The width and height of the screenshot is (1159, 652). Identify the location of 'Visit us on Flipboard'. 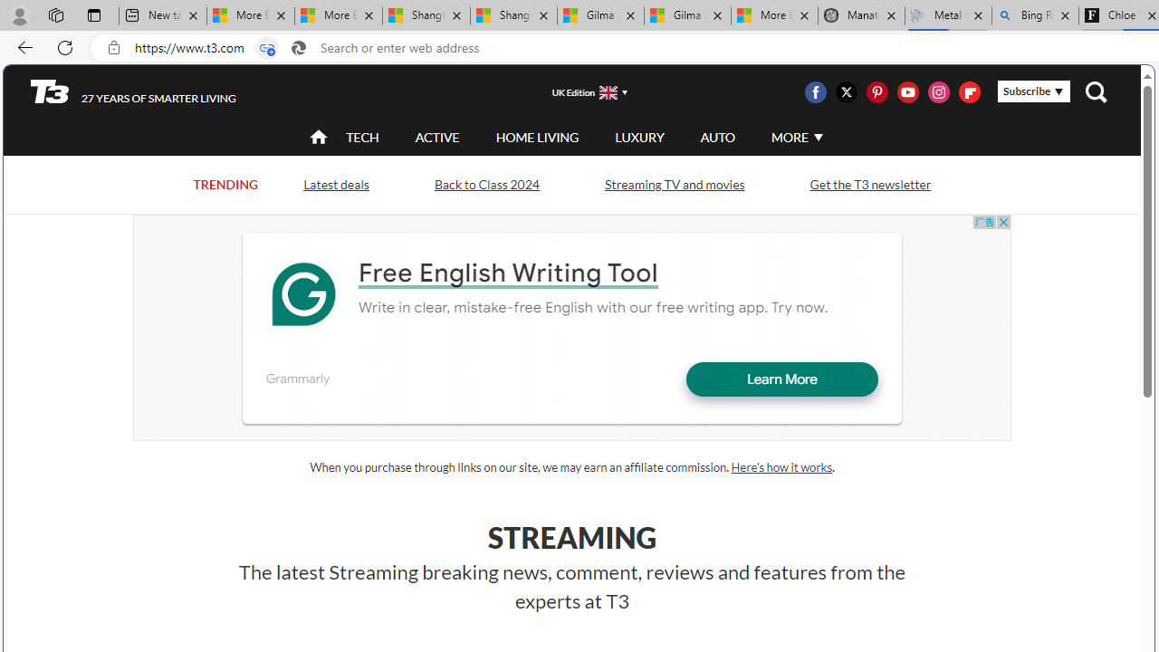
(968, 91).